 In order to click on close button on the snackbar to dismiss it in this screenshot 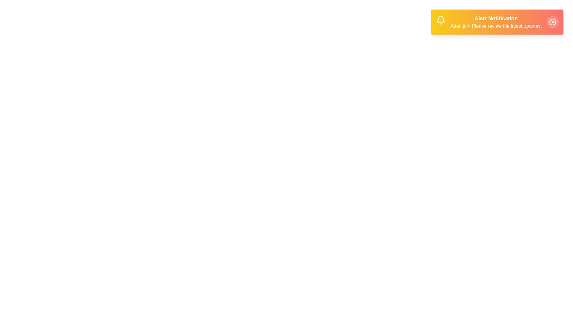, I will do `click(552, 21)`.